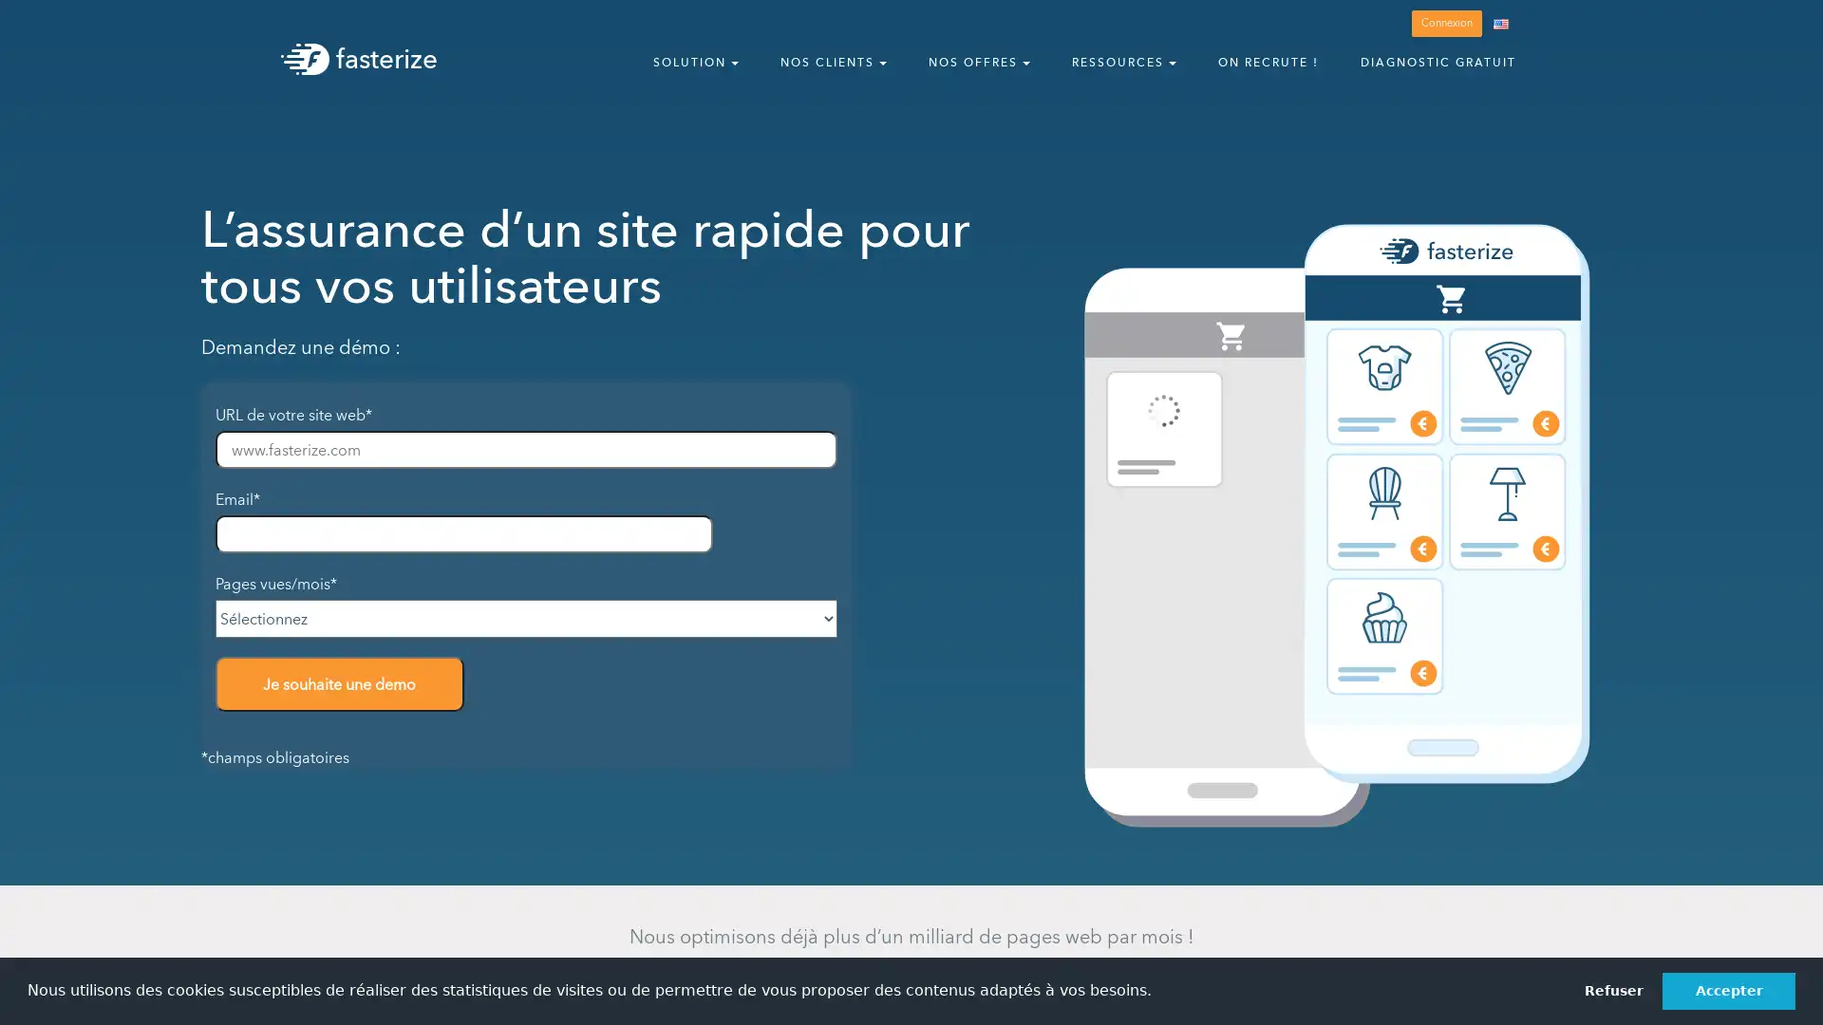 The image size is (1823, 1025). Describe the element at coordinates (1728, 990) in the screenshot. I see `allow cookies` at that location.